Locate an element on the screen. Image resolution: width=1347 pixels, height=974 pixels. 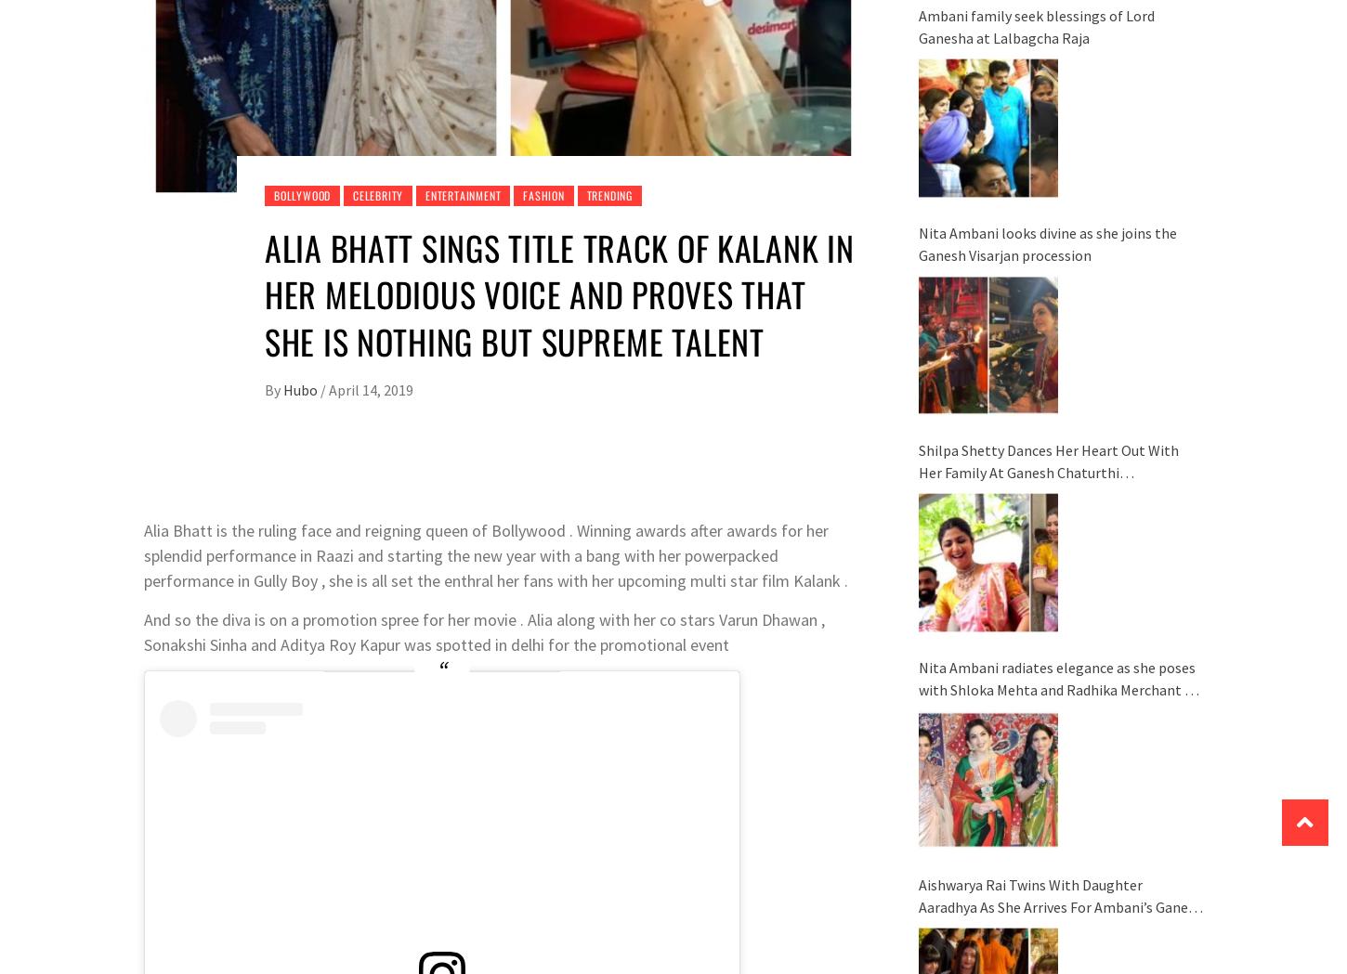
'And so the diva is on a promotion spree for  her movie . Alia along with her co stars Varun Dhawan , Sonakshi Sinha and Aditya Roy Kapur was spotted in delhi for the promotional event' is located at coordinates (484, 630).